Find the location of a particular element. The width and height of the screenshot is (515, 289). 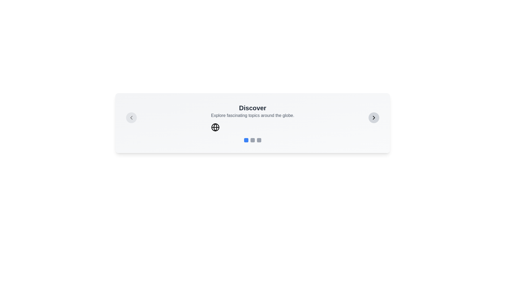

the central circular component of the globe icon, which is located beneath the 'Discover' title and above the navigation indicators is located at coordinates (215, 127).